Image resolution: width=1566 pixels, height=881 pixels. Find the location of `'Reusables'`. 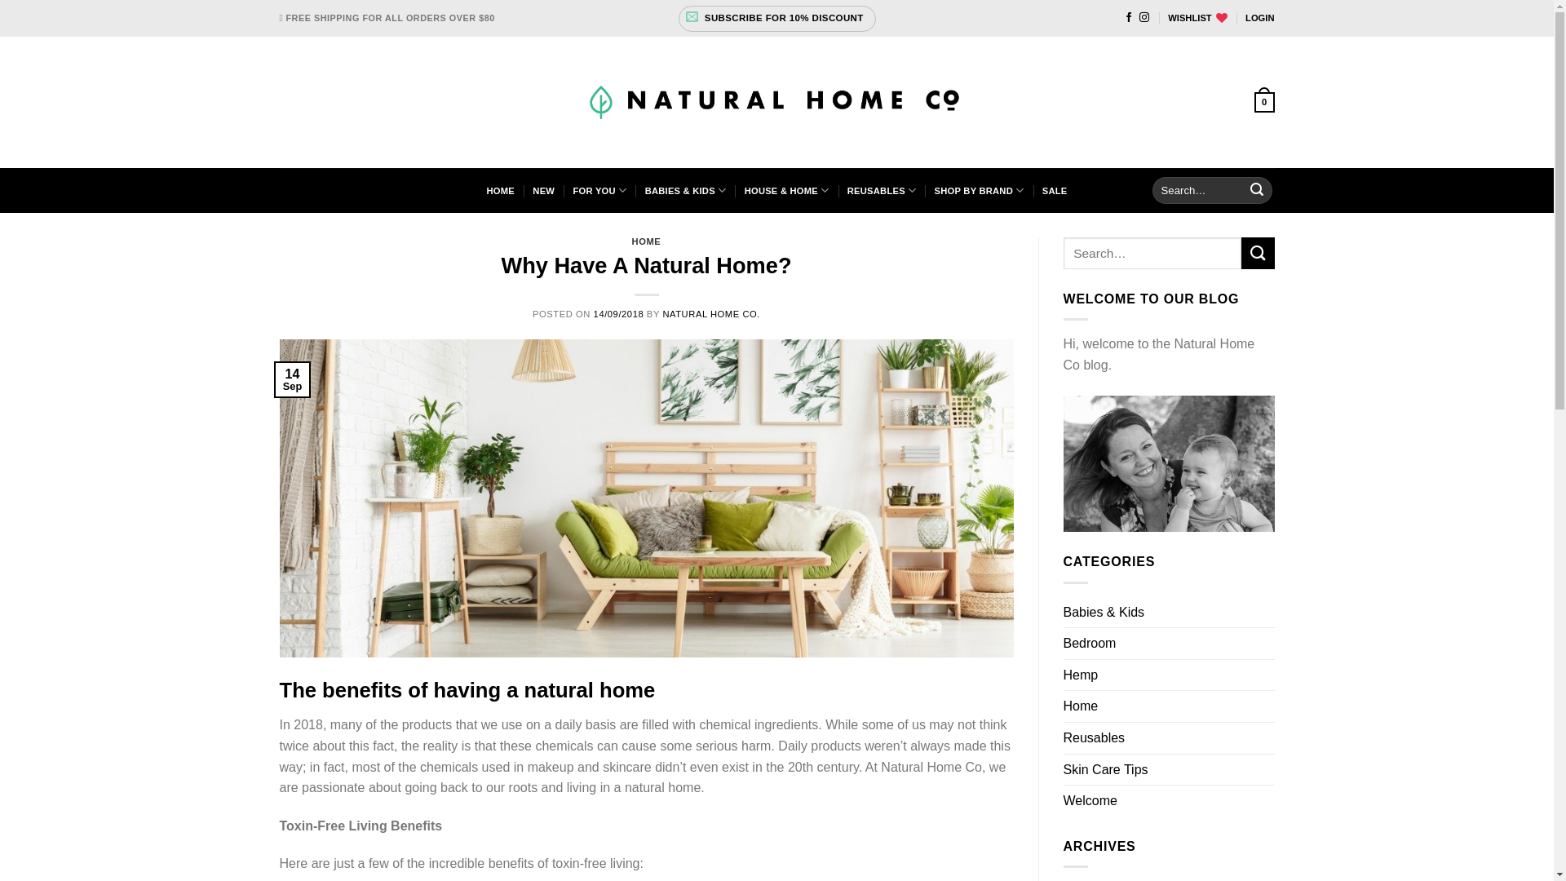

'Reusables' is located at coordinates (1095, 738).